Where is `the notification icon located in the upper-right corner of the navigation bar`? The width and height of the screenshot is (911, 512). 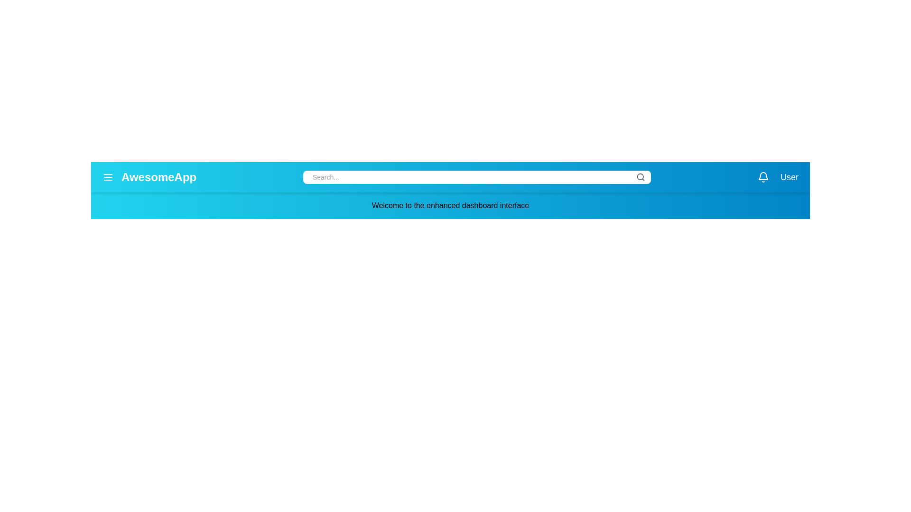 the notification icon located in the upper-right corner of the navigation bar is located at coordinates (763, 177).